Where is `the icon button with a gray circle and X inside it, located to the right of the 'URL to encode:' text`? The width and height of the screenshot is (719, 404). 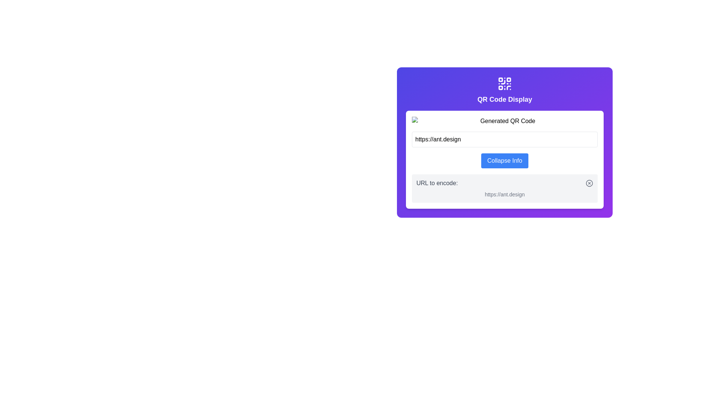 the icon button with a gray circle and X inside it, located to the right of the 'URL to encode:' text is located at coordinates (589, 183).